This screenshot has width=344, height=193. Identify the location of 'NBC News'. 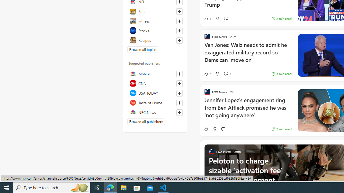
(155, 112).